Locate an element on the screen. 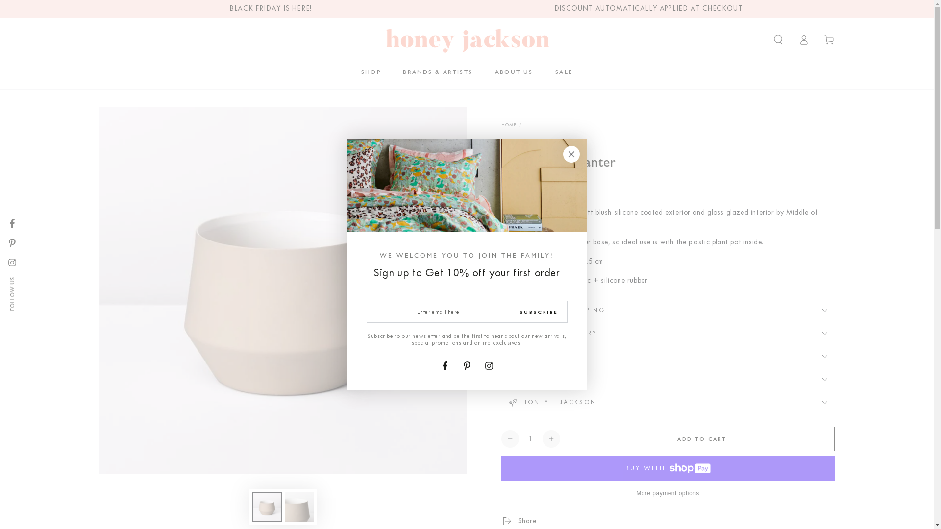 Image resolution: width=941 pixels, height=529 pixels. 'Instagram' is located at coordinates (12, 262).